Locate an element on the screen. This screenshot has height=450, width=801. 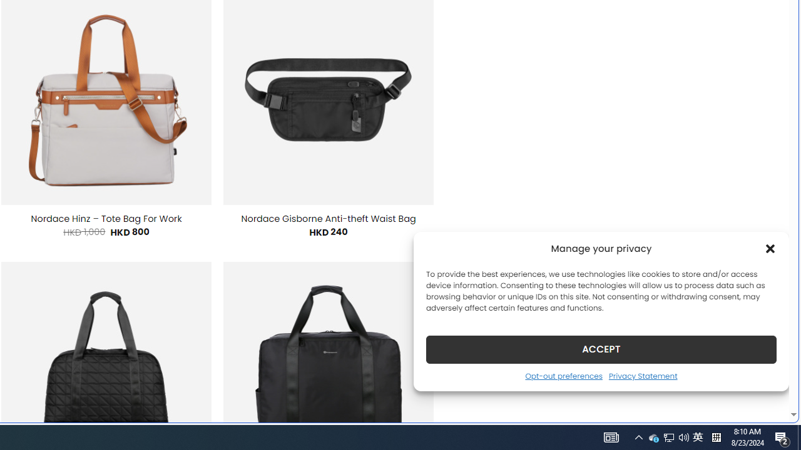
'Class: cmplz-close' is located at coordinates (770, 248).